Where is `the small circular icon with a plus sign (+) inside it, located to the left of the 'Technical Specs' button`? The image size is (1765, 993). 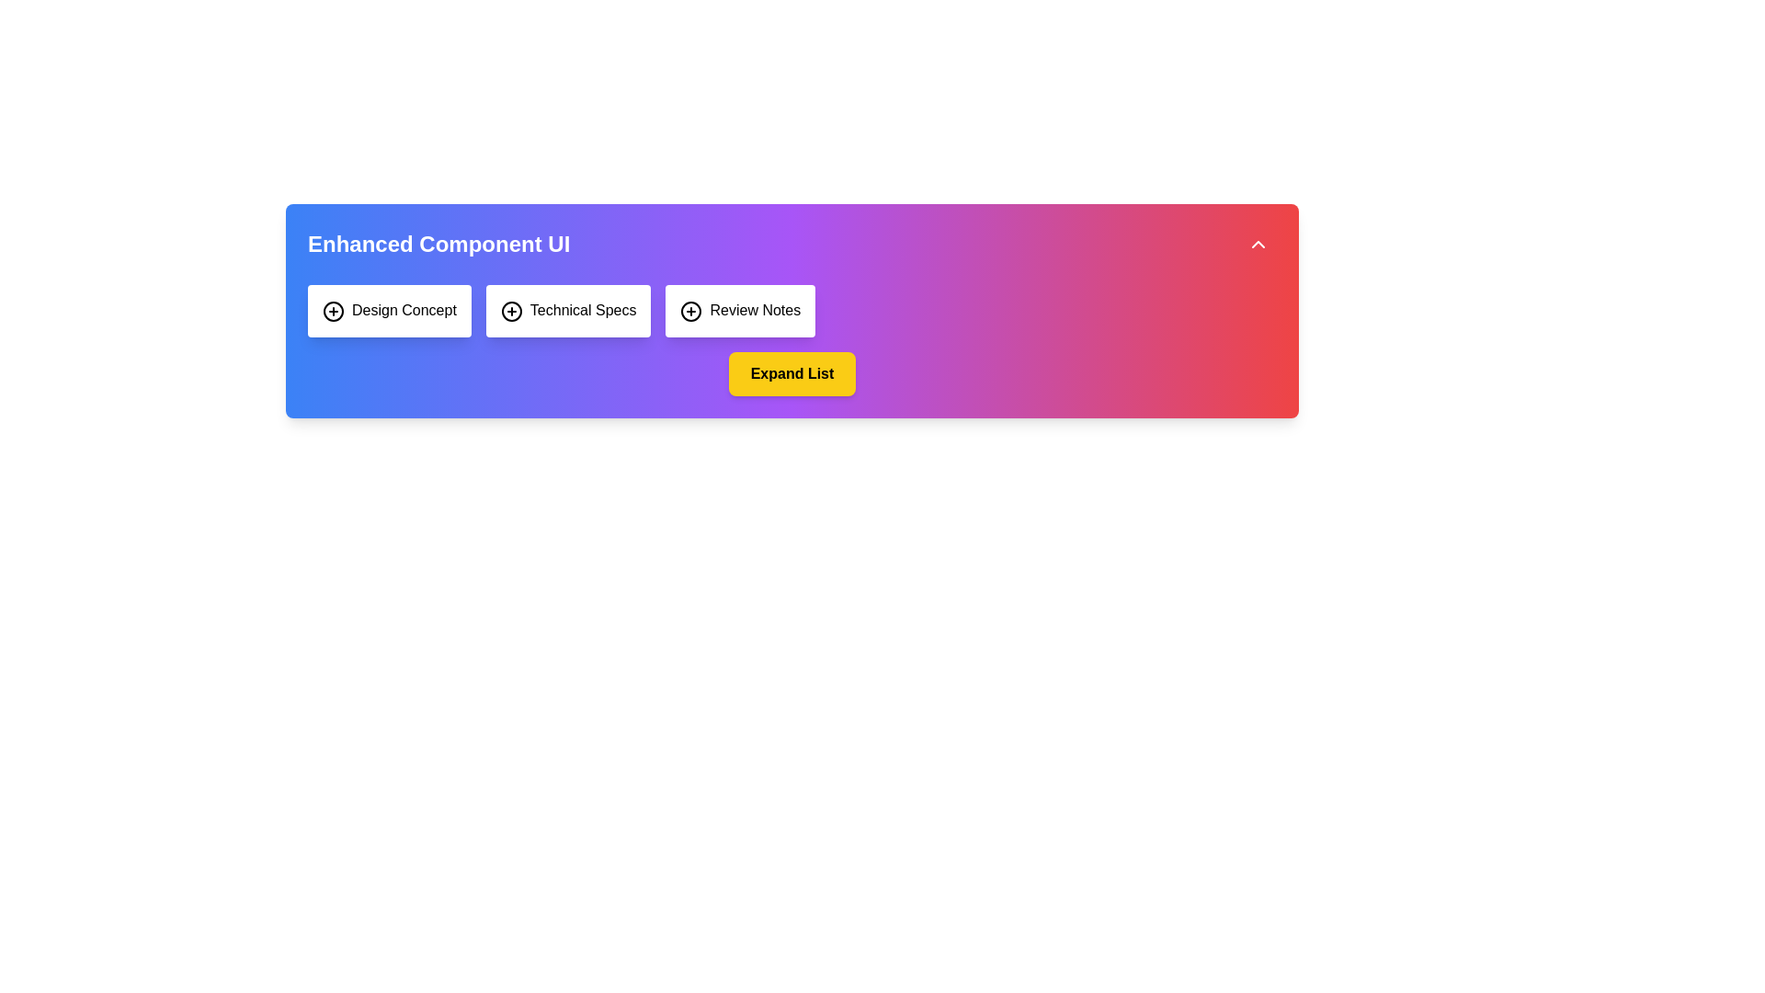
the small circular icon with a plus sign (+) inside it, located to the left of the 'Technical Specs' button is located at coordinates (511, 310).